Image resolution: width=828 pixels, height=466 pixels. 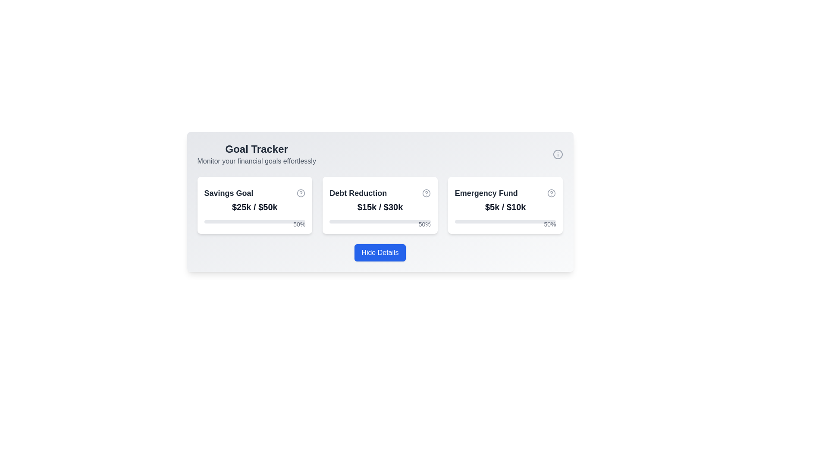 I want to click on the text label displaying the completion percentage for the progress bar in the 'Savings Goal' card of the 'Goal Tracker' interface, so click(x=299, y=224).